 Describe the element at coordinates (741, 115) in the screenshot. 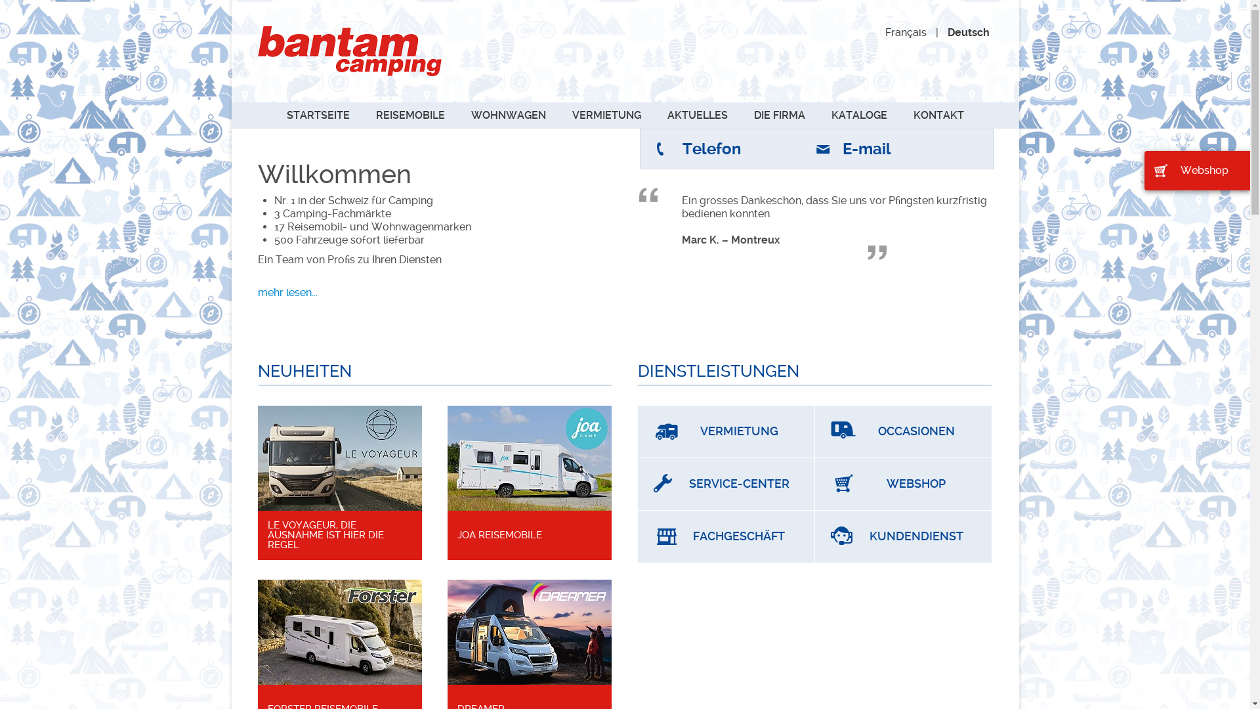

I see `'DIE FIRMA'` at that location.